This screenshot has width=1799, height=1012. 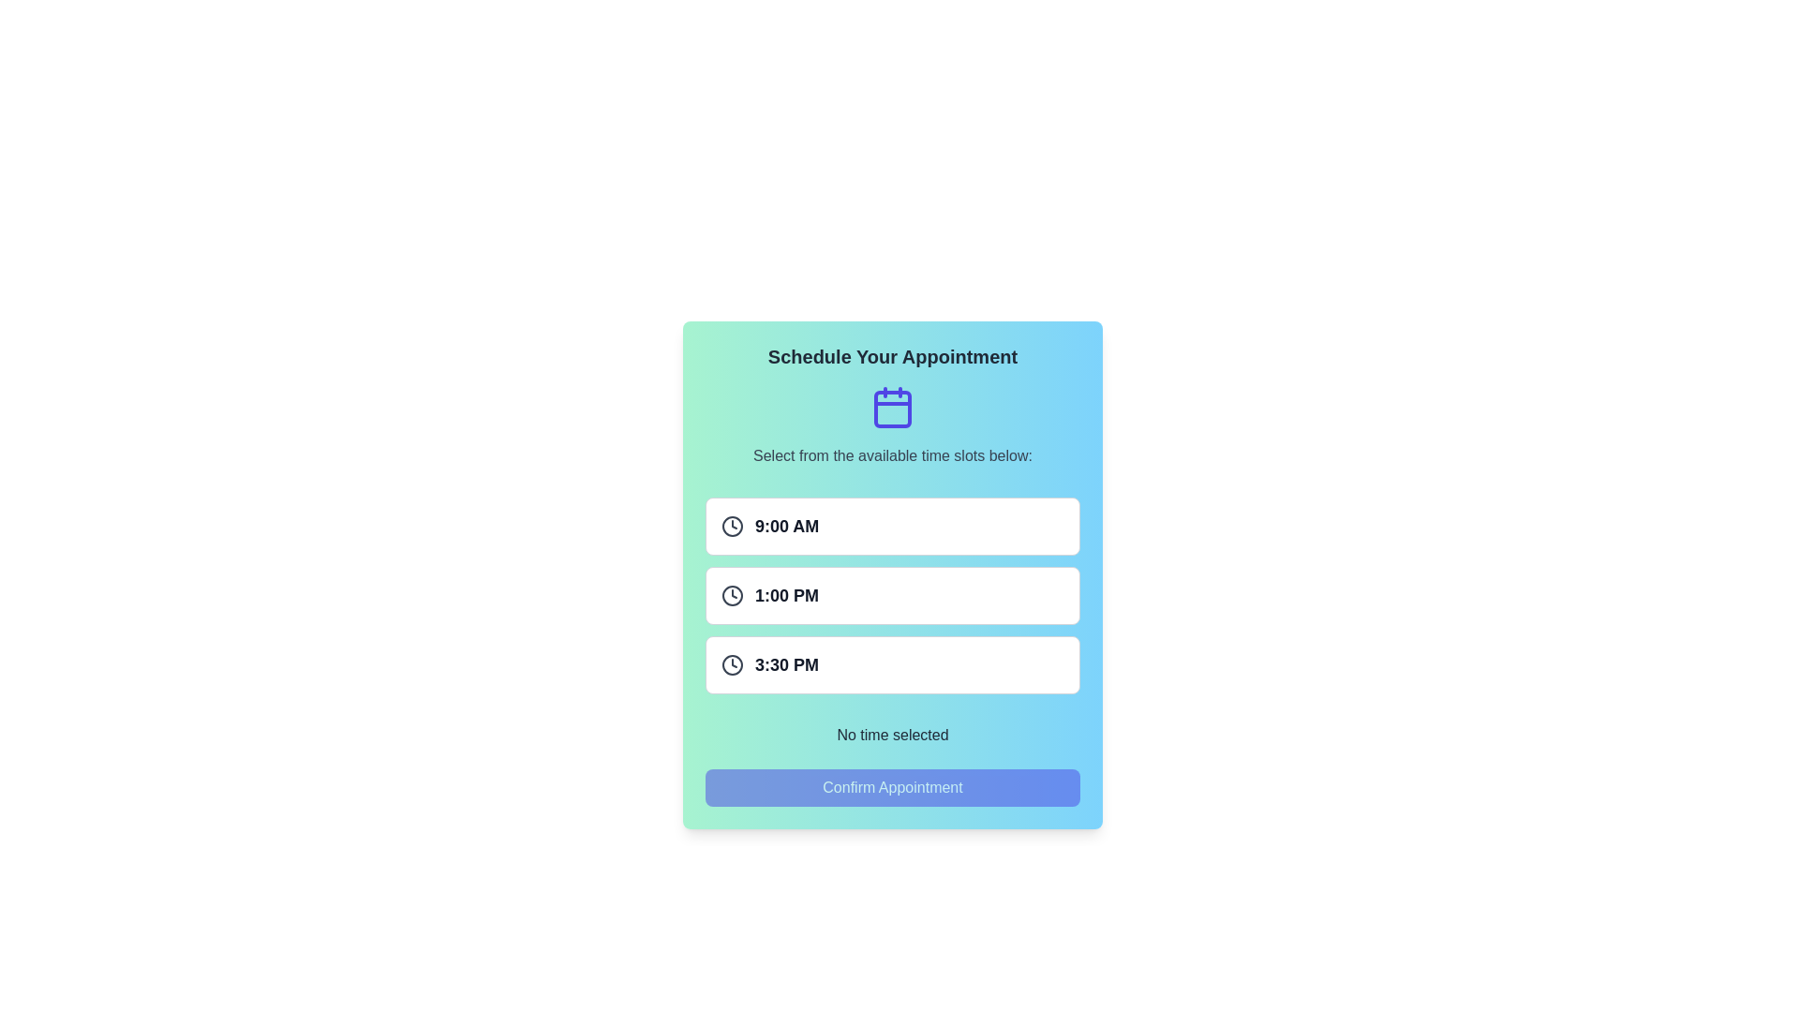 What do you see at coordinates (732, 596) in the screenshot?
I see `the circular boundary of the clock icon associated with the second time slot, which is aligned with '1:00 PM'` at bounding box center [732, 596].